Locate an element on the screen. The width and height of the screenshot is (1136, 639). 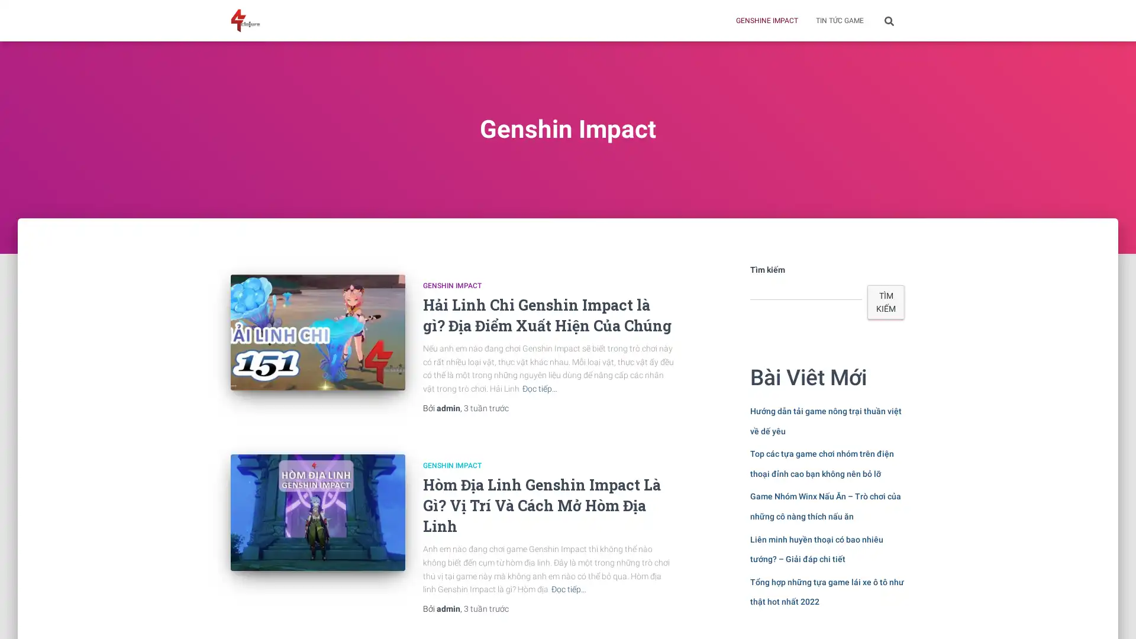
TIM KIEM is located at coordinates (886, 301).